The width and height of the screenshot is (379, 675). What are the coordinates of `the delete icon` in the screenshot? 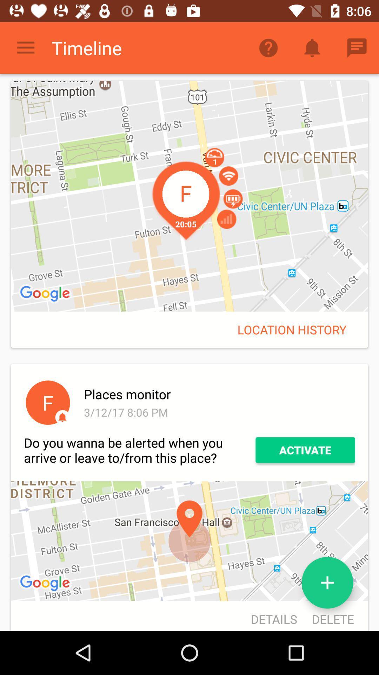 It's located at (329, 616).